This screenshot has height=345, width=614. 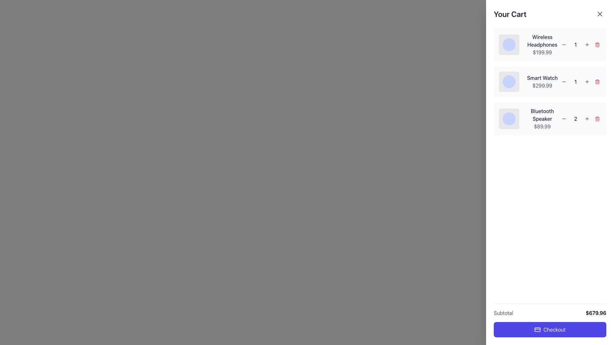 What do you see at coordinates (576, 44) in the screenshot?
I see `the text display showing the value '1' in the cart, positioned between the decrement and increment buttons` at bounding box center [576, 44].